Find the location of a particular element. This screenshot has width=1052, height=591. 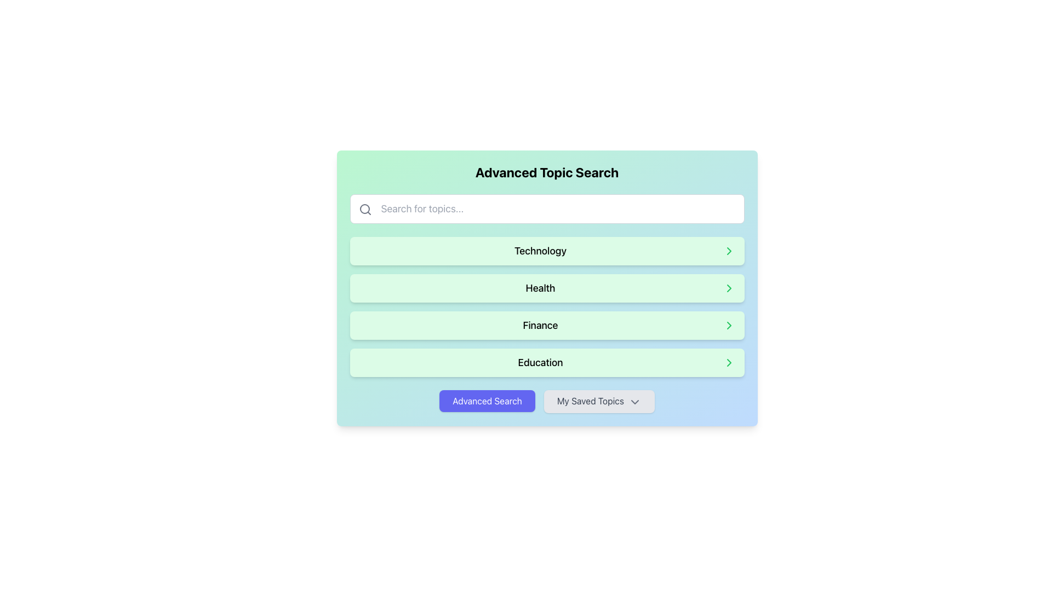

the small circular SVG element that is part of the search icon, positioned to the left of the search input field is located at coordinates (364, 208).